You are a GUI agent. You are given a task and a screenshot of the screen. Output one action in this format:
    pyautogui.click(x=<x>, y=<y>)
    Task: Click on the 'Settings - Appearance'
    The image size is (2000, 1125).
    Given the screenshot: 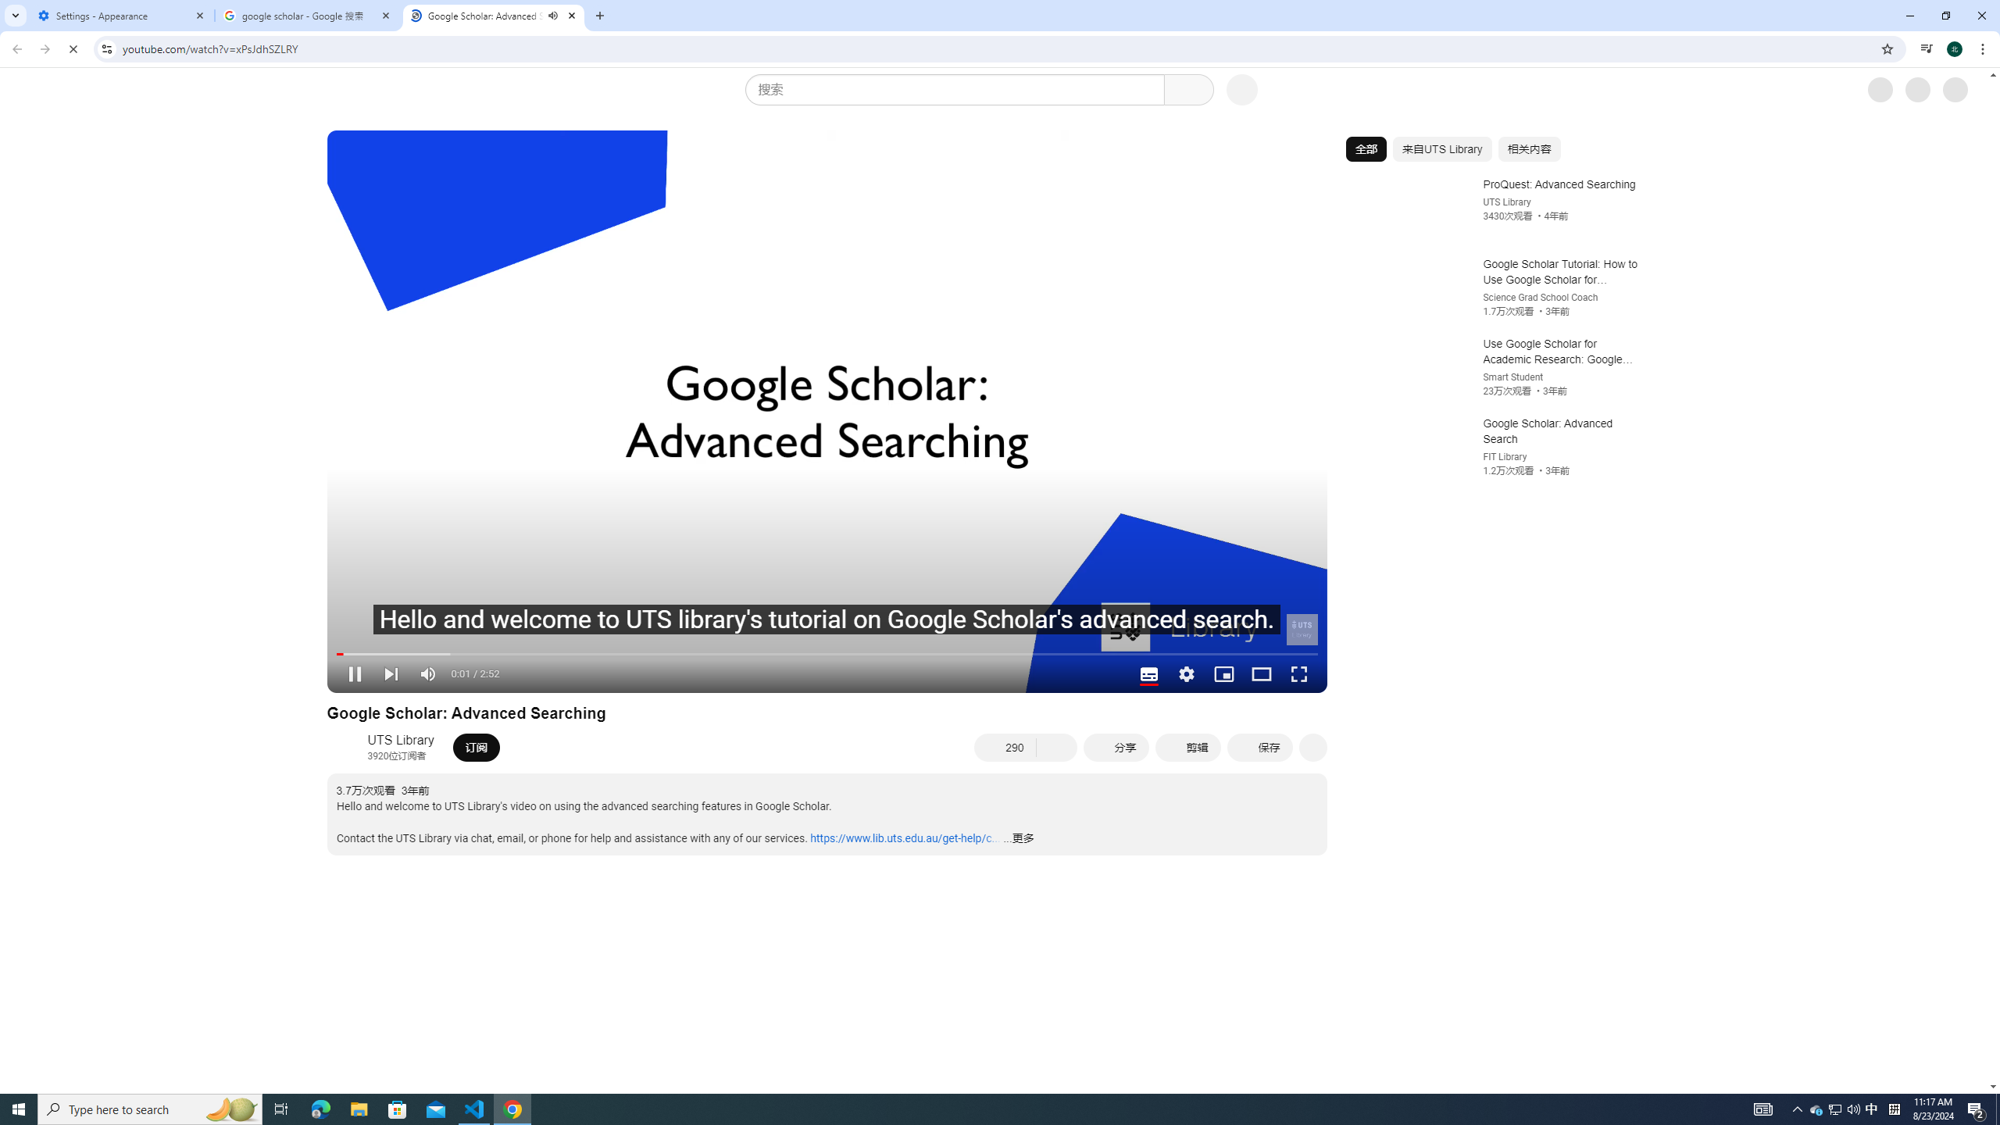 What is the action you would take?
    pyautogui.click(x=121, y=15)
    